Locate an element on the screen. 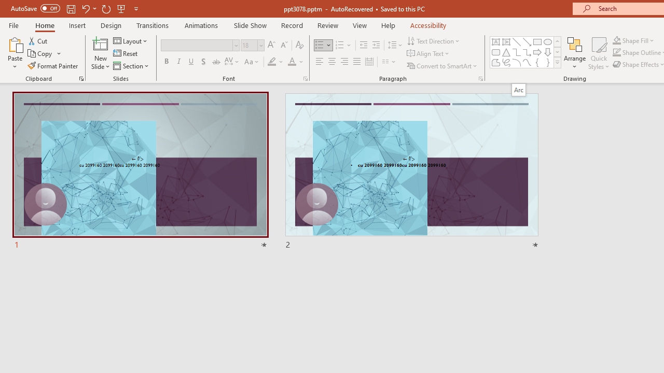  'Clear Formatting' is located at coordinates (299, 45).